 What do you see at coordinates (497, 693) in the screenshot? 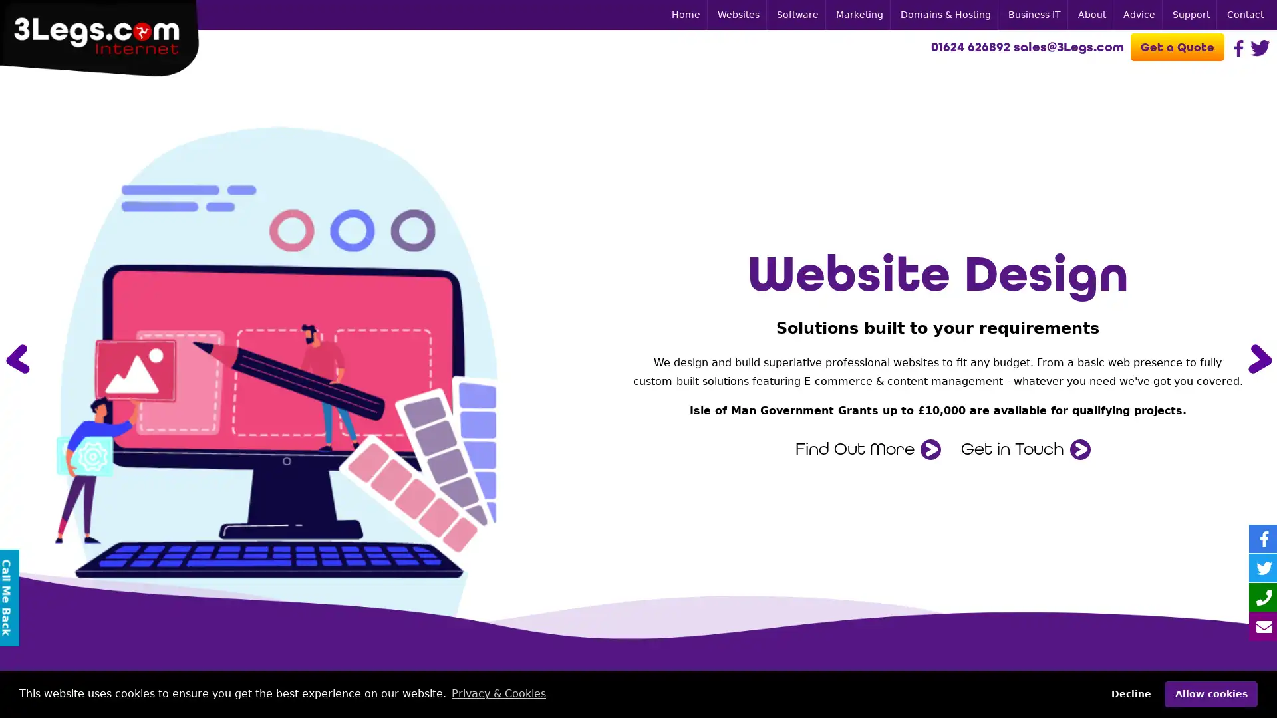
I see `learn more about cookies` at bounding box center [497, 693].